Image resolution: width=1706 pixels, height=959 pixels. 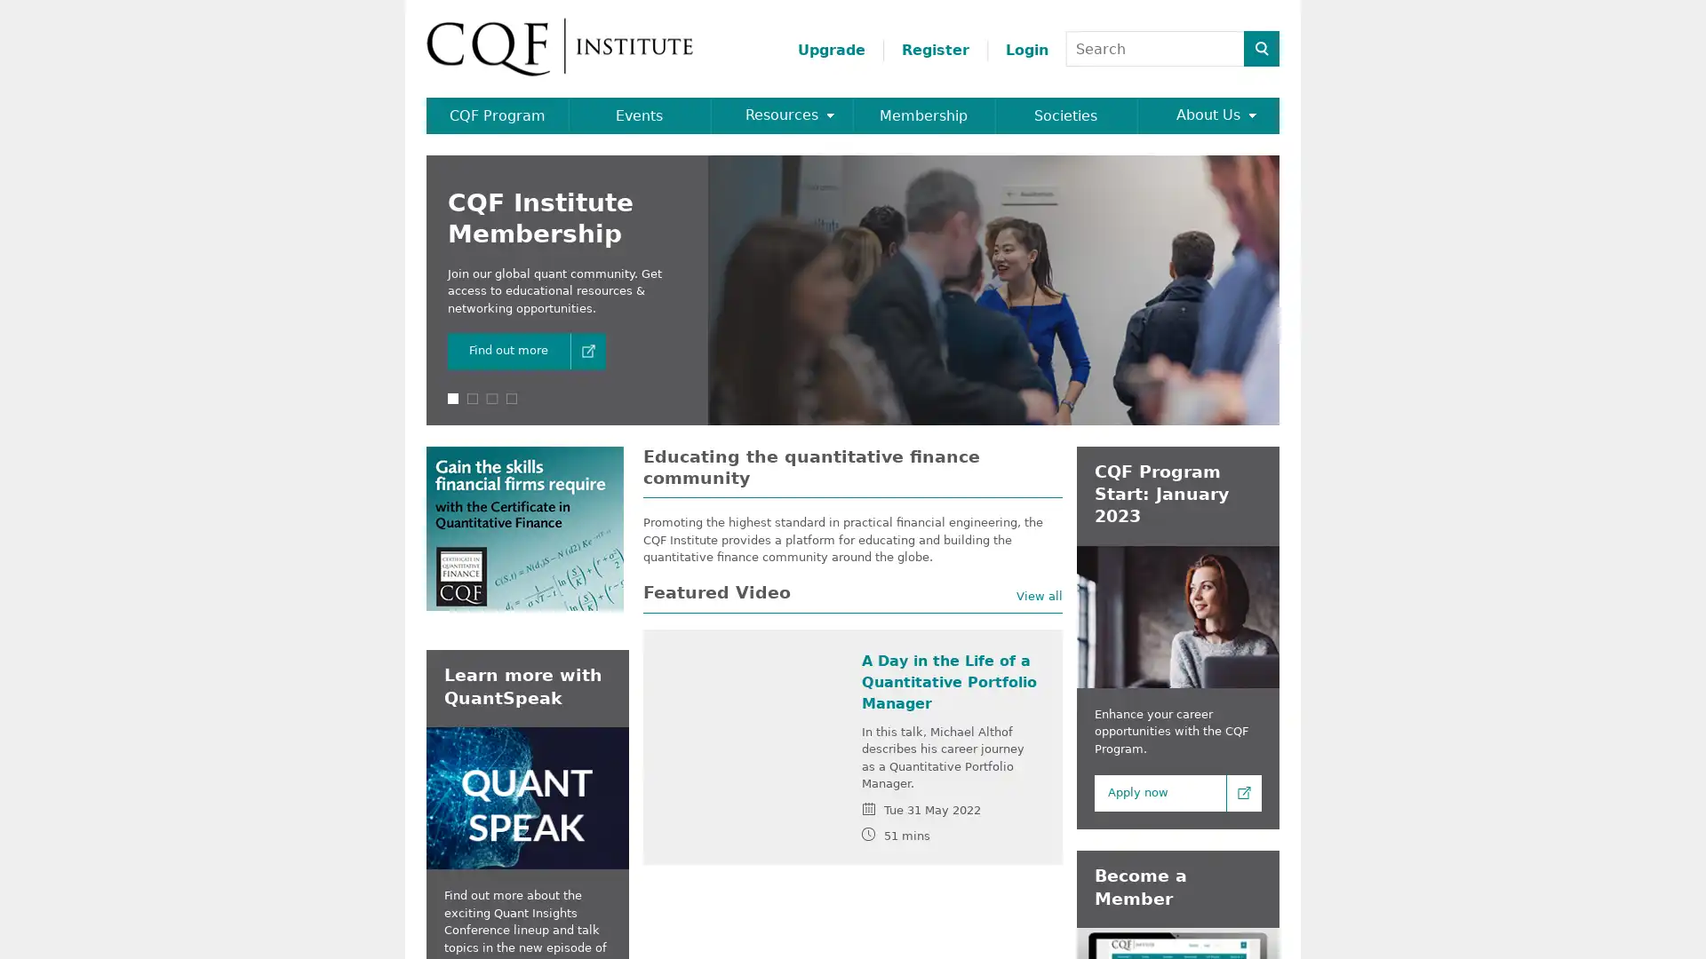 What do you see at coordinates (1261, 47) in the screenshot?
I see `Search` at bounding box center [1261, 47].